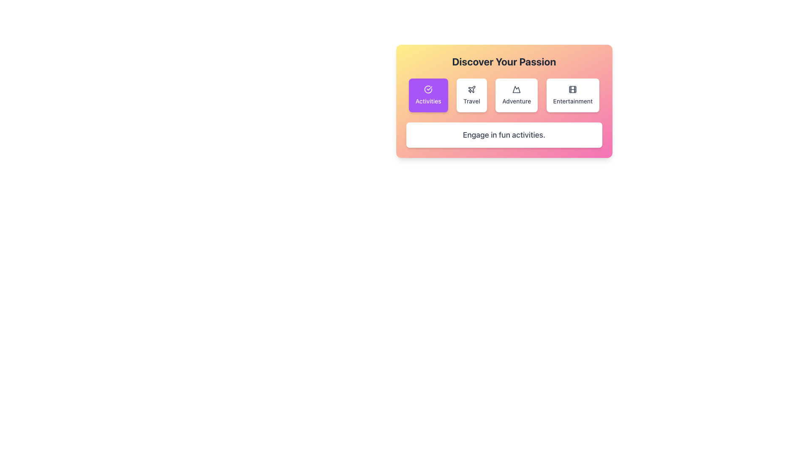 This screenshot has height=456, width=811. I want to click on the 'Entertainment' category button, which is the fourth card in a horizontal group of four cards positioned at the far right, following the 'Adventure' card, so click(573, 95).